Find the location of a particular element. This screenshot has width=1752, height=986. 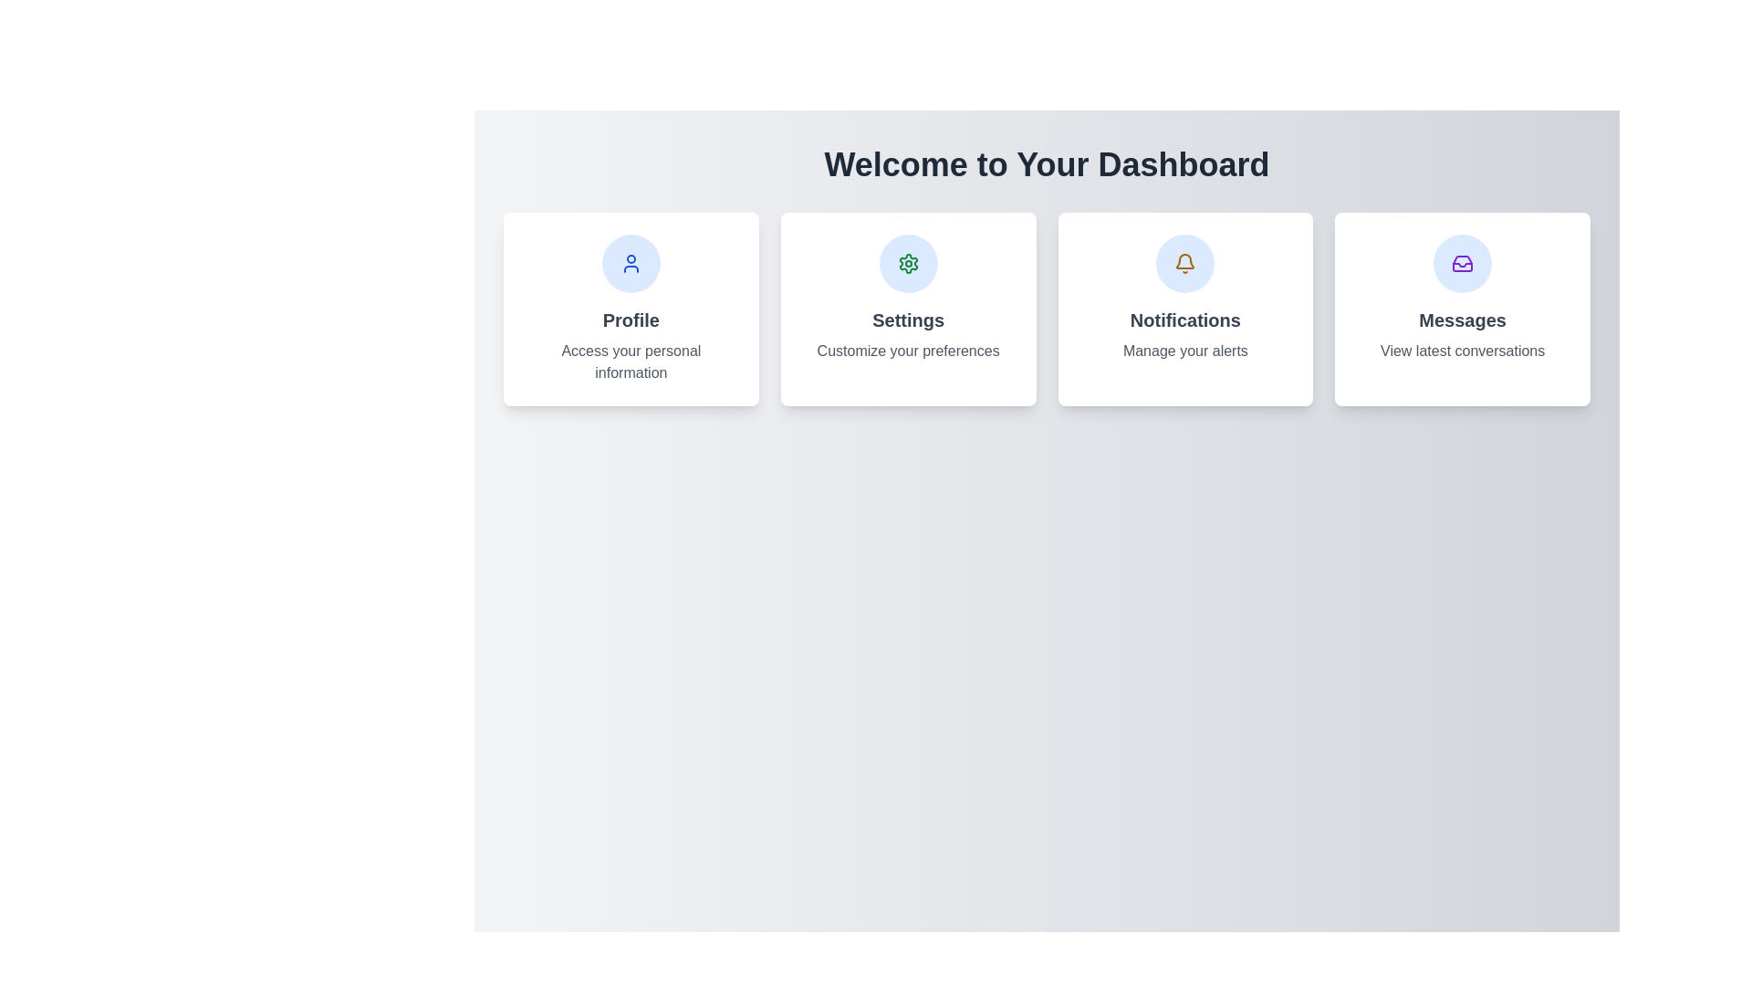

the text label that reads 'Access your personal information', which is styled with a gray font color and centered alignment, located below the 'Profile' text element is located at coordinates (631, 362).